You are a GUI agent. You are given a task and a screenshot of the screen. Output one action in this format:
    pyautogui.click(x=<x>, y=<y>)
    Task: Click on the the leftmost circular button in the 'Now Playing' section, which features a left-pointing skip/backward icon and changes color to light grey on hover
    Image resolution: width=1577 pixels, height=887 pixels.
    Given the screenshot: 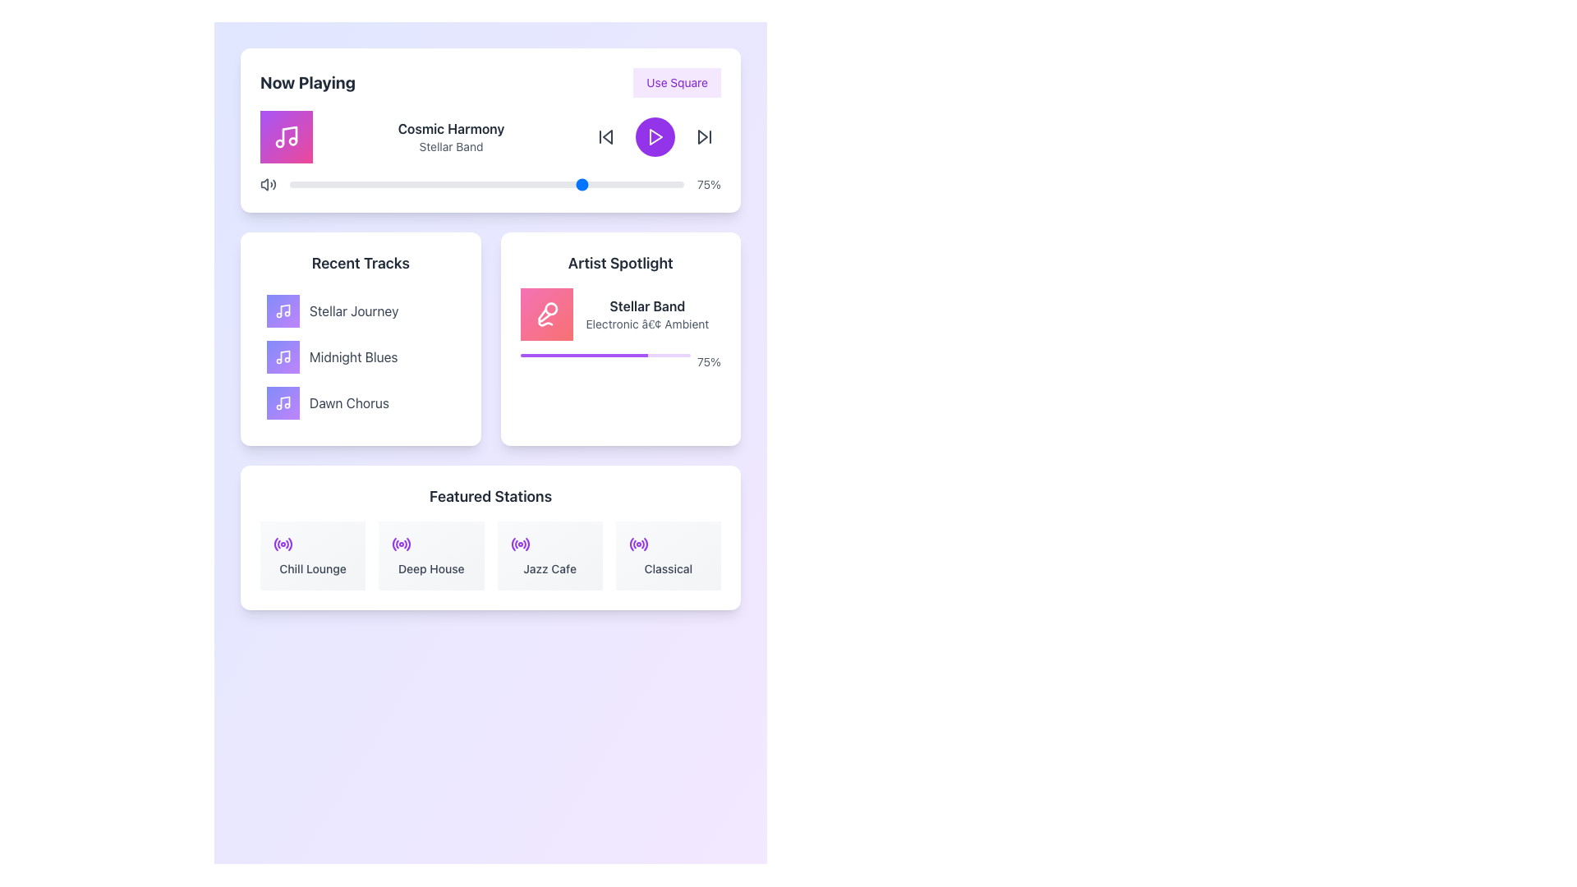 What is the action you would take?
    pyautogui.click(x=605, y=136)
    